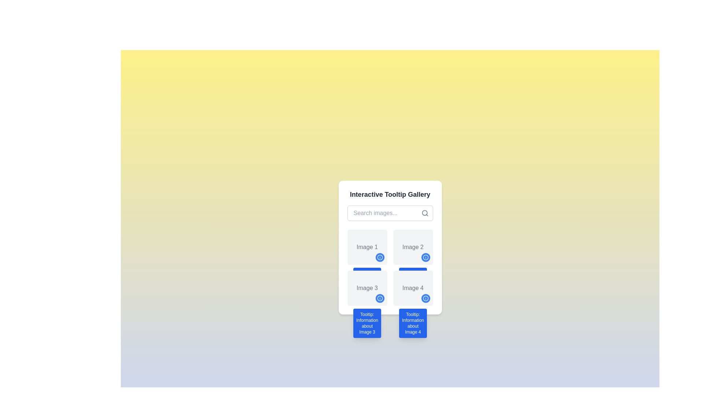  What do you see at coordinates (425, 298) in the screenshot?
I see `the outermost circular boundary of the tooltip icon located at the bottom-right corner of the 'Image 4' tile in the 'Interactive Tooltip Gallery'` at bounding box center [425, 298].